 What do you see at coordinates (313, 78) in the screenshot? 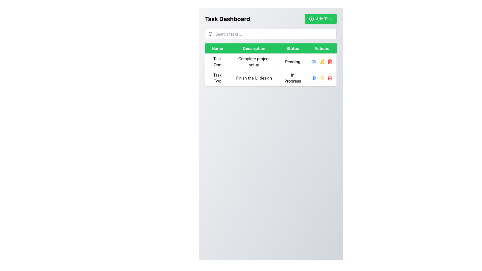
I see `the blue eye-shaped icon button located in the 'Actions' column of the row for 'Task One'` at bounding box center [313, 78].